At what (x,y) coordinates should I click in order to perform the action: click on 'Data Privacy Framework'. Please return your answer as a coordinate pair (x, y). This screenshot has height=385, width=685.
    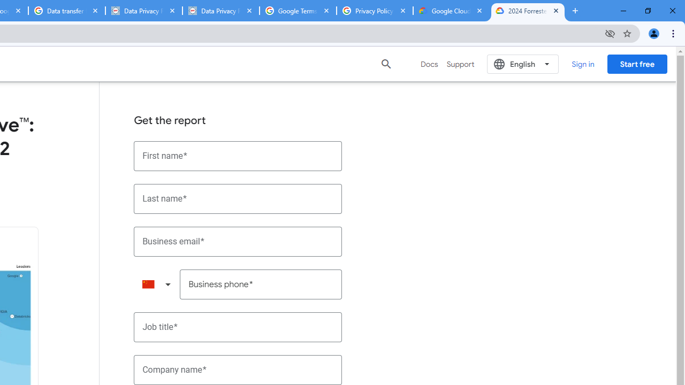
    Looking at the image, I should click on (220, 11).